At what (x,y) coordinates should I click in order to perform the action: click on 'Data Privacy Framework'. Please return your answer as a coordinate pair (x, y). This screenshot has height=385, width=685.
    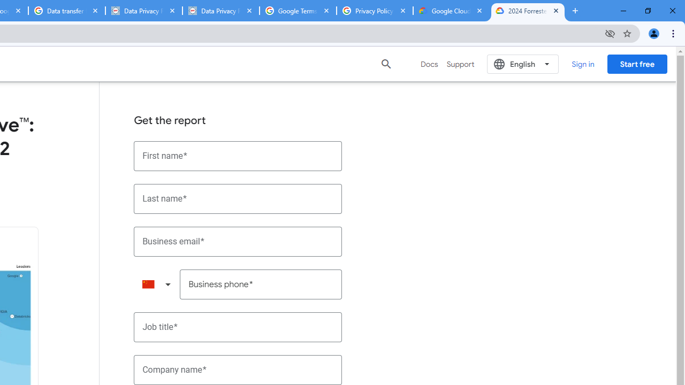
    Looking at the image, I should click on (220, 11).